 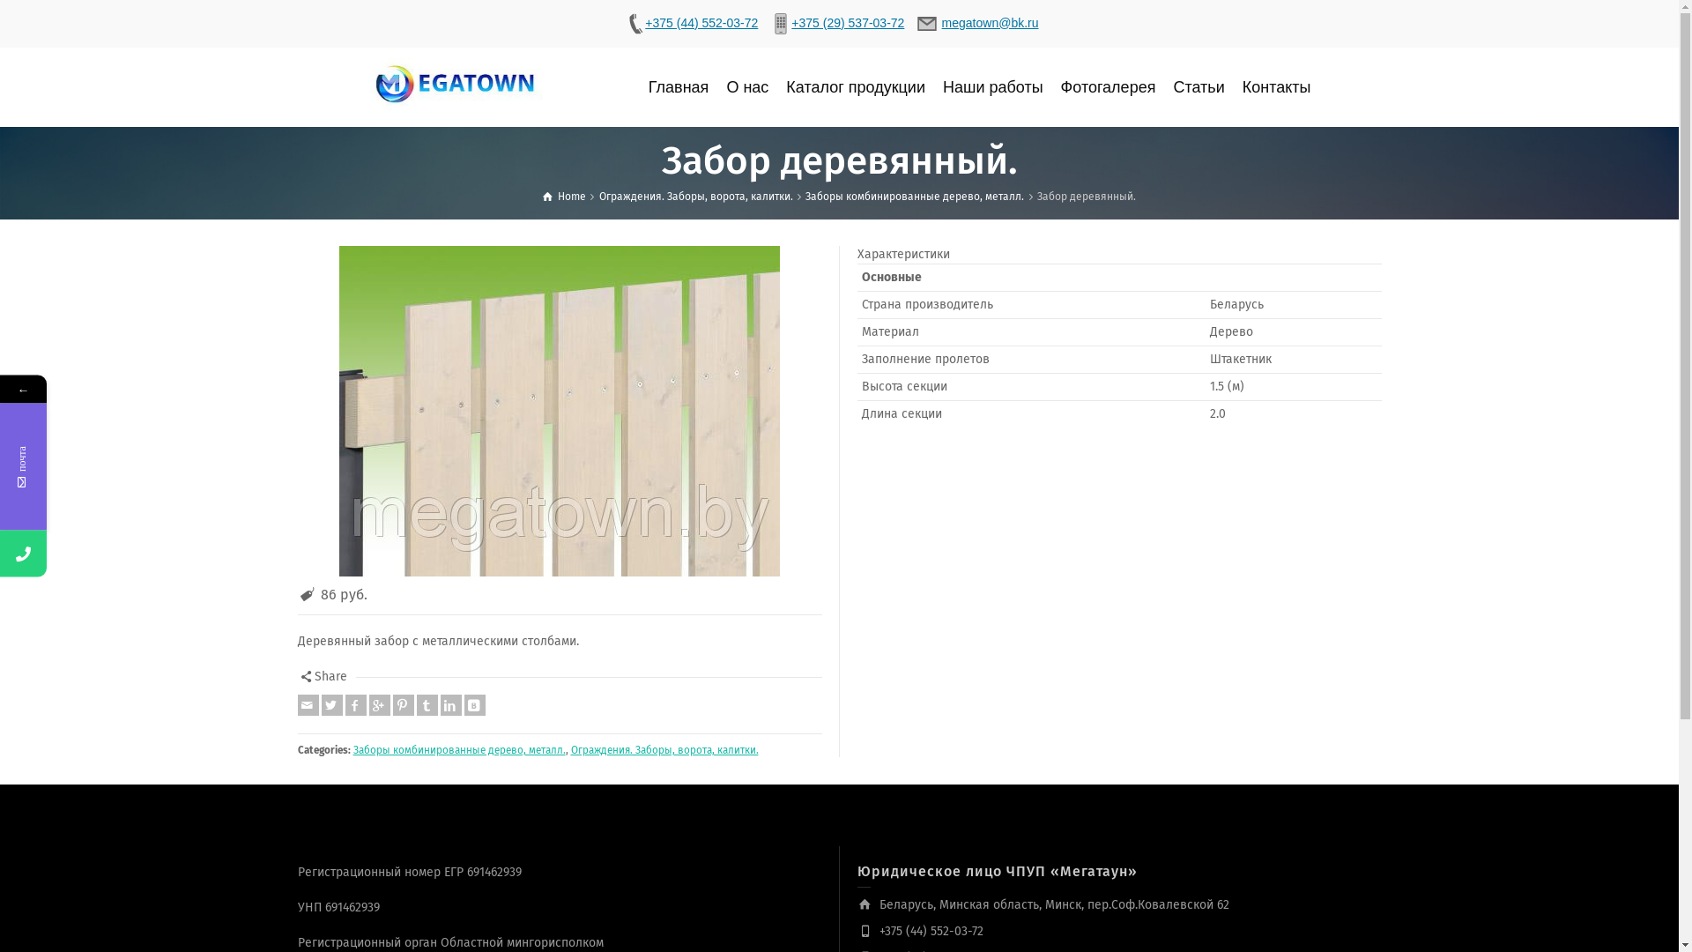 What do you see at coordinates (378, 703) in the screenshot?
I see `'Google +'` at bounding box center [378, 703].